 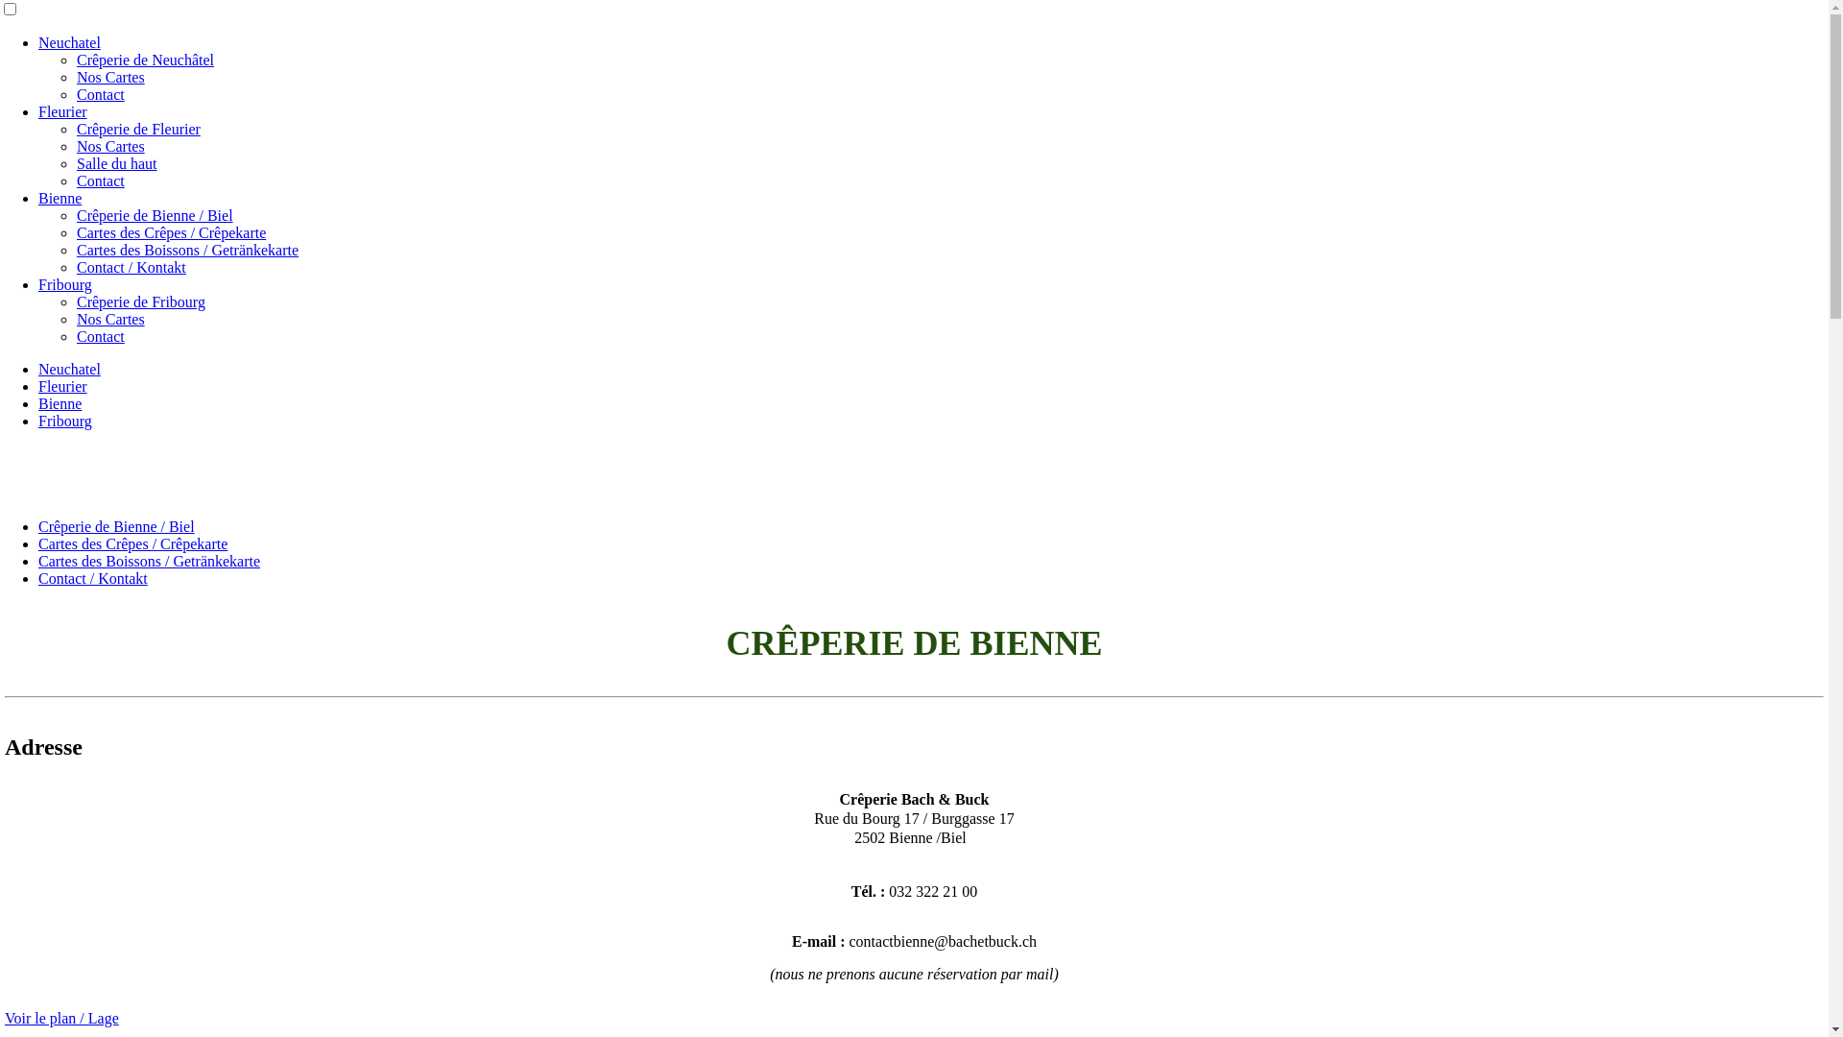 I want to click on 'Bienne', so click(x=60, y=198).